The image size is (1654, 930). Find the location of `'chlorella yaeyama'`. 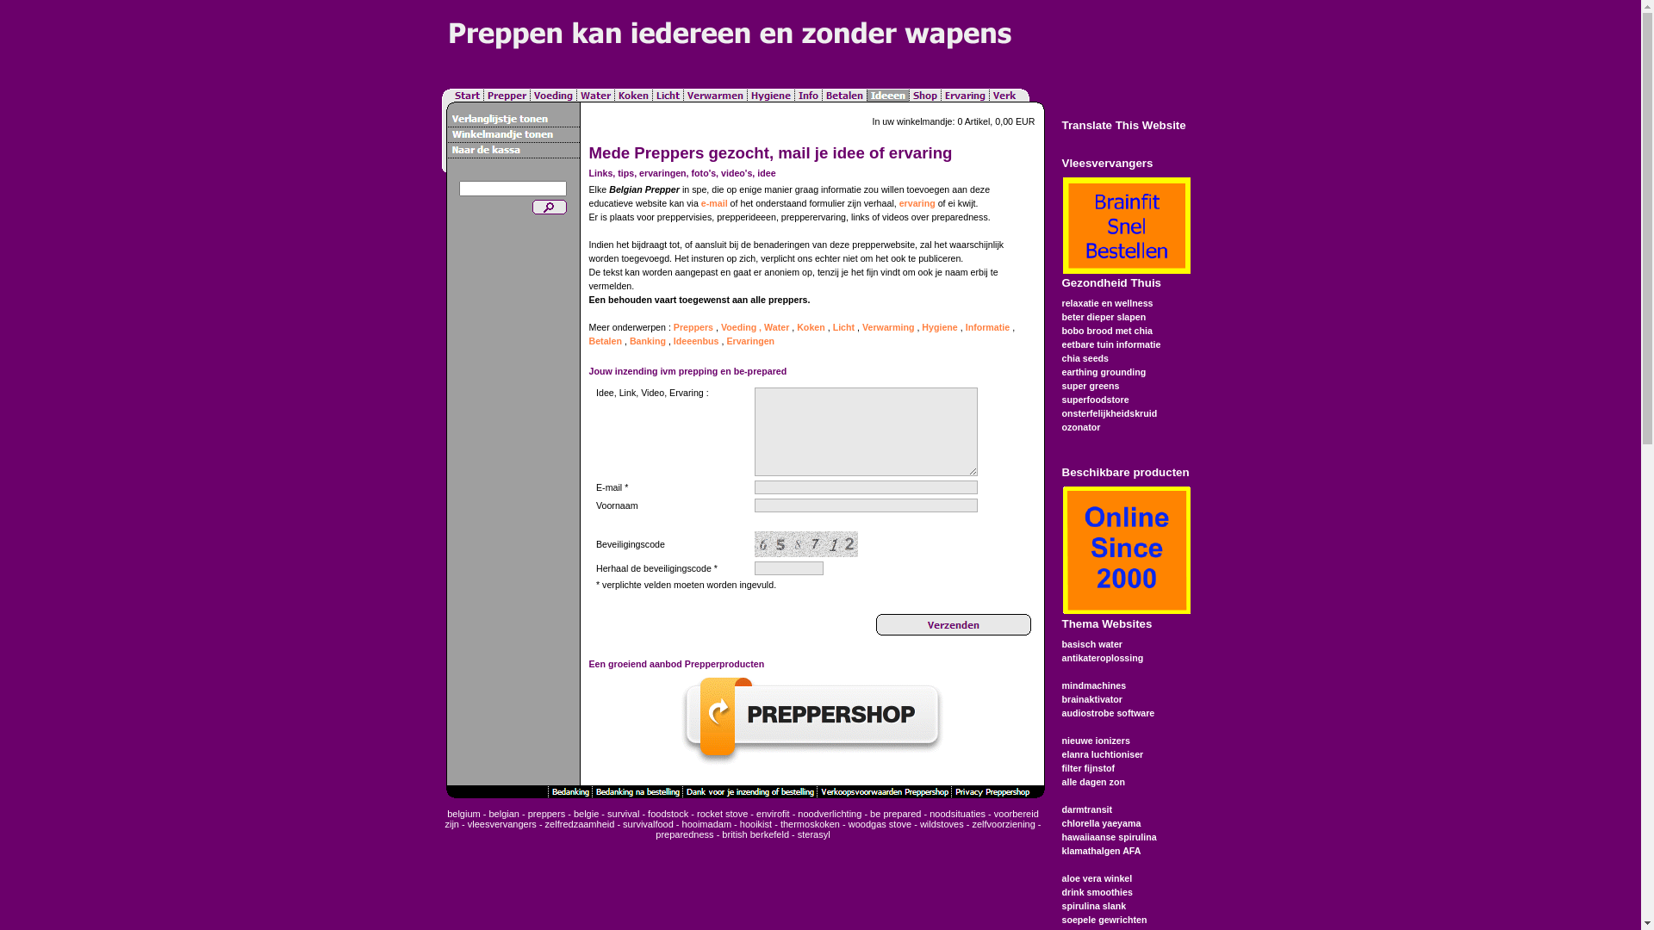

'chlorella yaeyama' is located at coordinates (1099, 822).